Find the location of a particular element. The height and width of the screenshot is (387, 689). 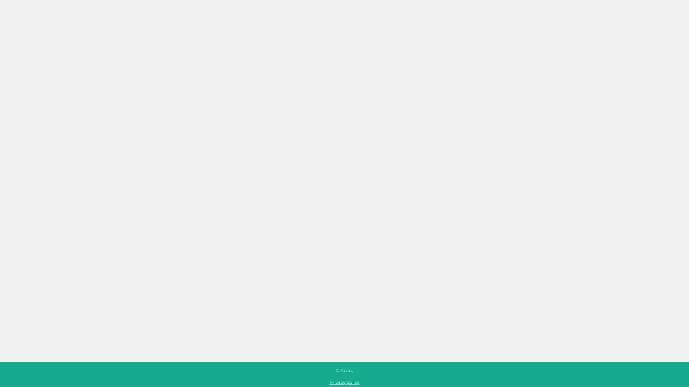

'Privacy policy' is located at coordinates (344, 382).